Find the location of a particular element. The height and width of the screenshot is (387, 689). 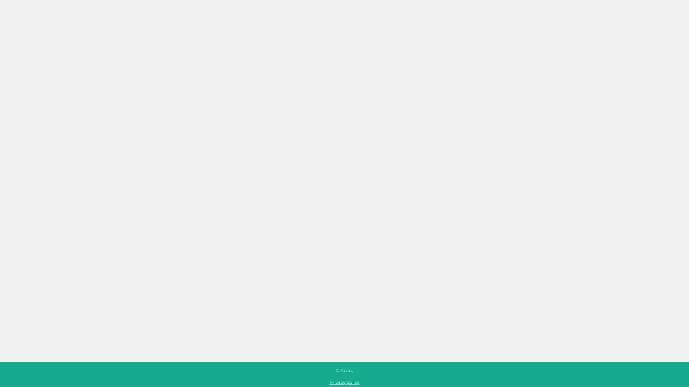

'Privacy policy' is located at coordinates (344, 382).